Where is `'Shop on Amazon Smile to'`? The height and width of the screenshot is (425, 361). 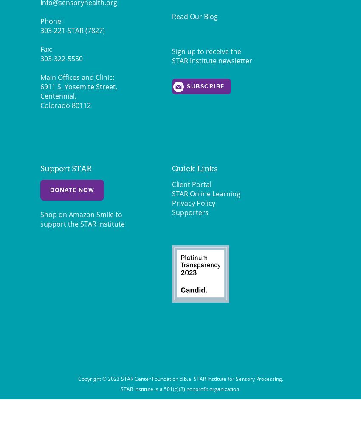
'Shop on Amazon Smile to' is located at coordinates (81, 214).